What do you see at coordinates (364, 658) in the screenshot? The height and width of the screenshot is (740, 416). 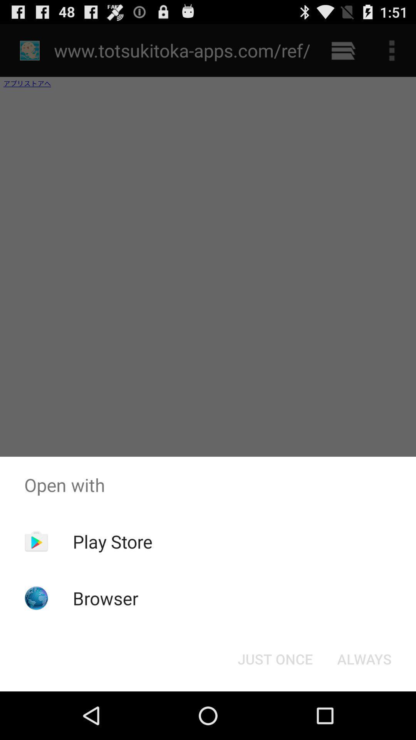 I see `always icon` at bounding box center [364, 658].